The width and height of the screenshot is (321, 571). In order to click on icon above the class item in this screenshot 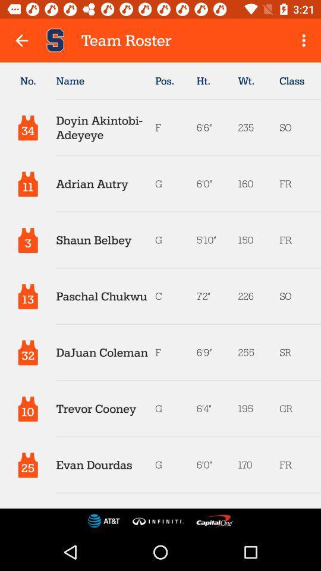, I will do `click(305, 40)`.